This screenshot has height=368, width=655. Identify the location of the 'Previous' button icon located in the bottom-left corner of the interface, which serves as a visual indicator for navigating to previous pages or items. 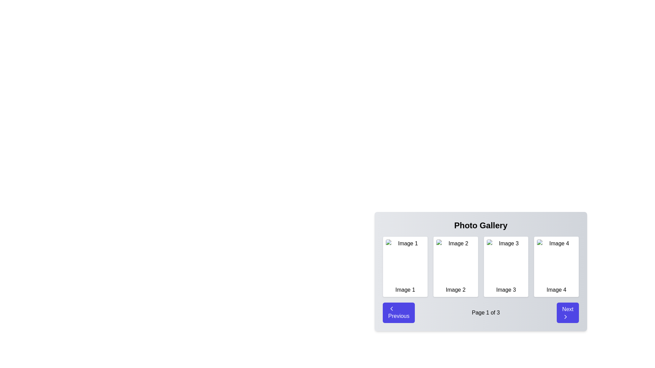
(391, 309).